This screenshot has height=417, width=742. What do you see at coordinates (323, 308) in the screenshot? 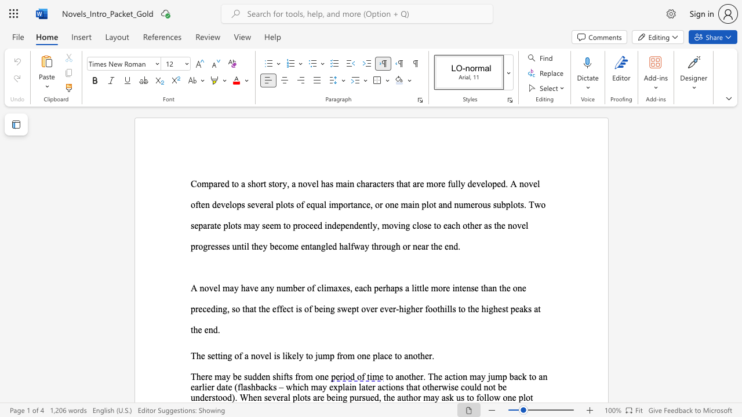
I see `the subset text "ing swept over ever-higher footh" within the text "little more intense than the one preceding, so that the effect is of being swept over ever-higher foothills to the highest peaks at the end."` at bounding box center [323, 308].